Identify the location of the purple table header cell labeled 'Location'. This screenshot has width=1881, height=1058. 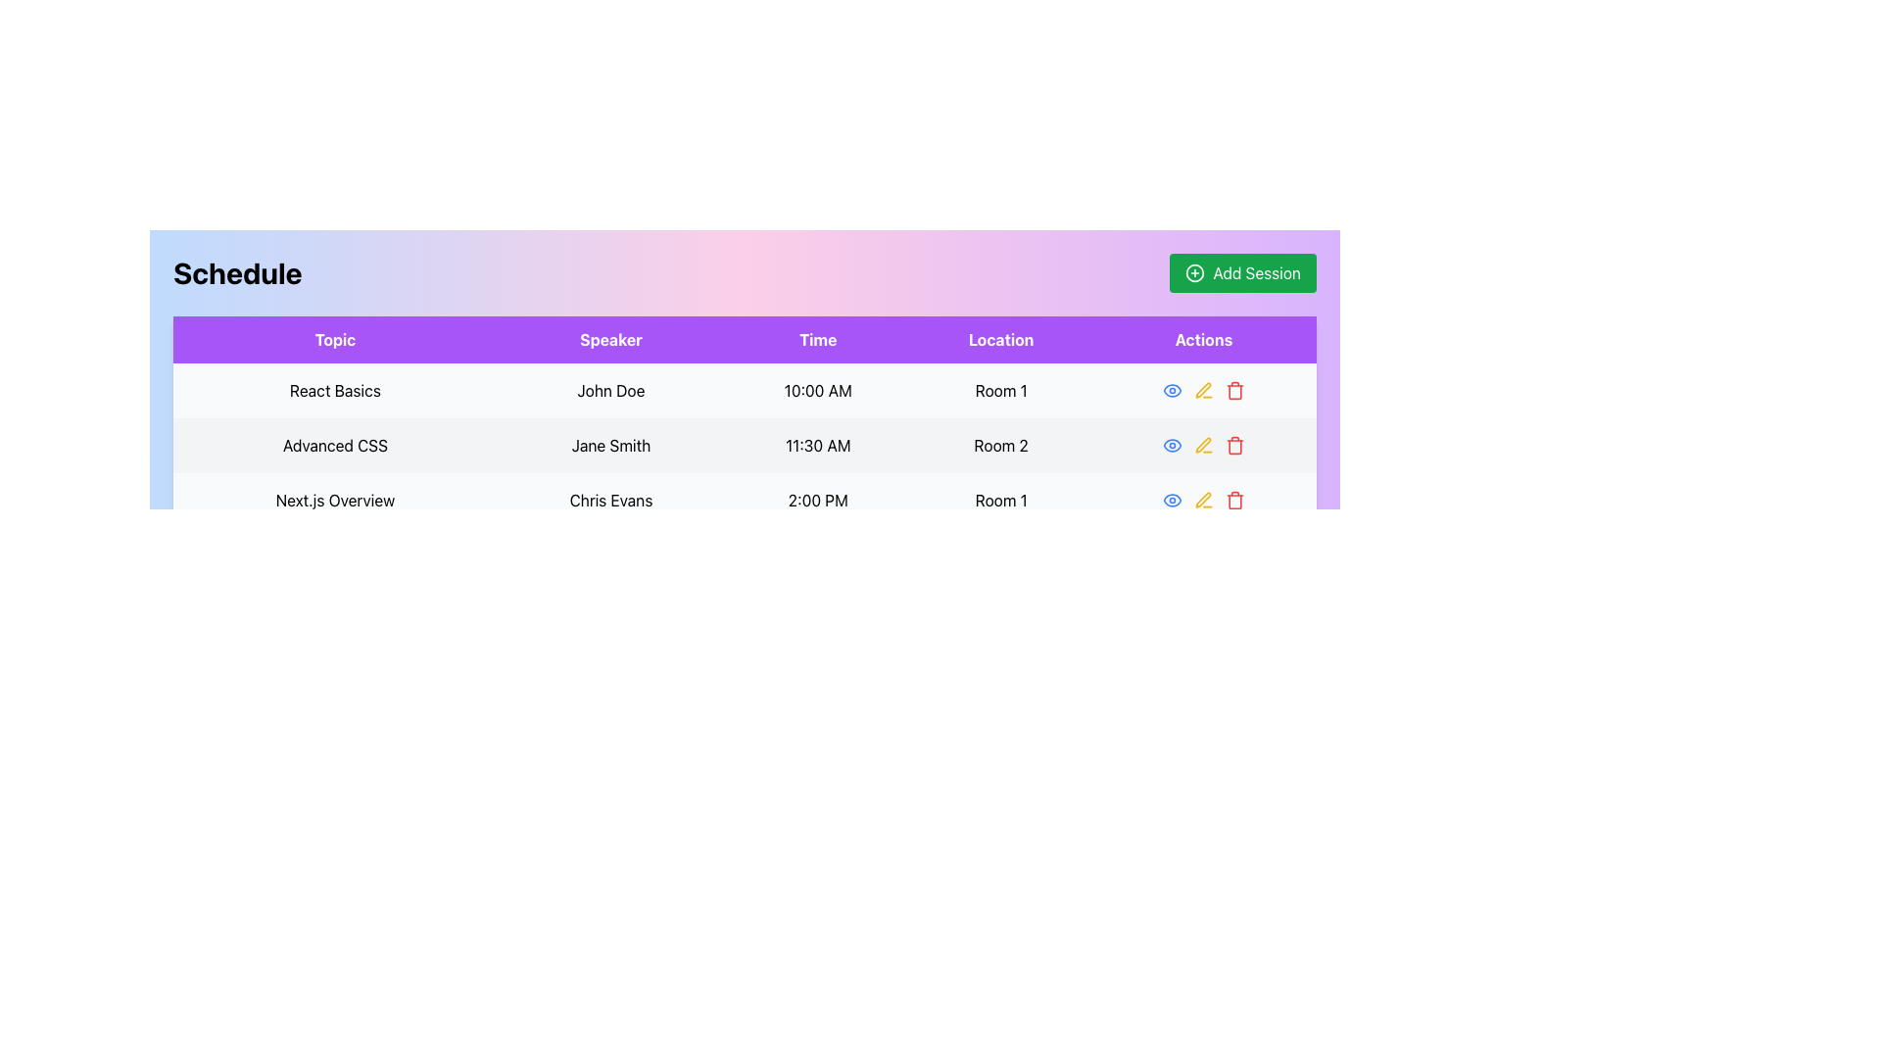
(1001, 339).